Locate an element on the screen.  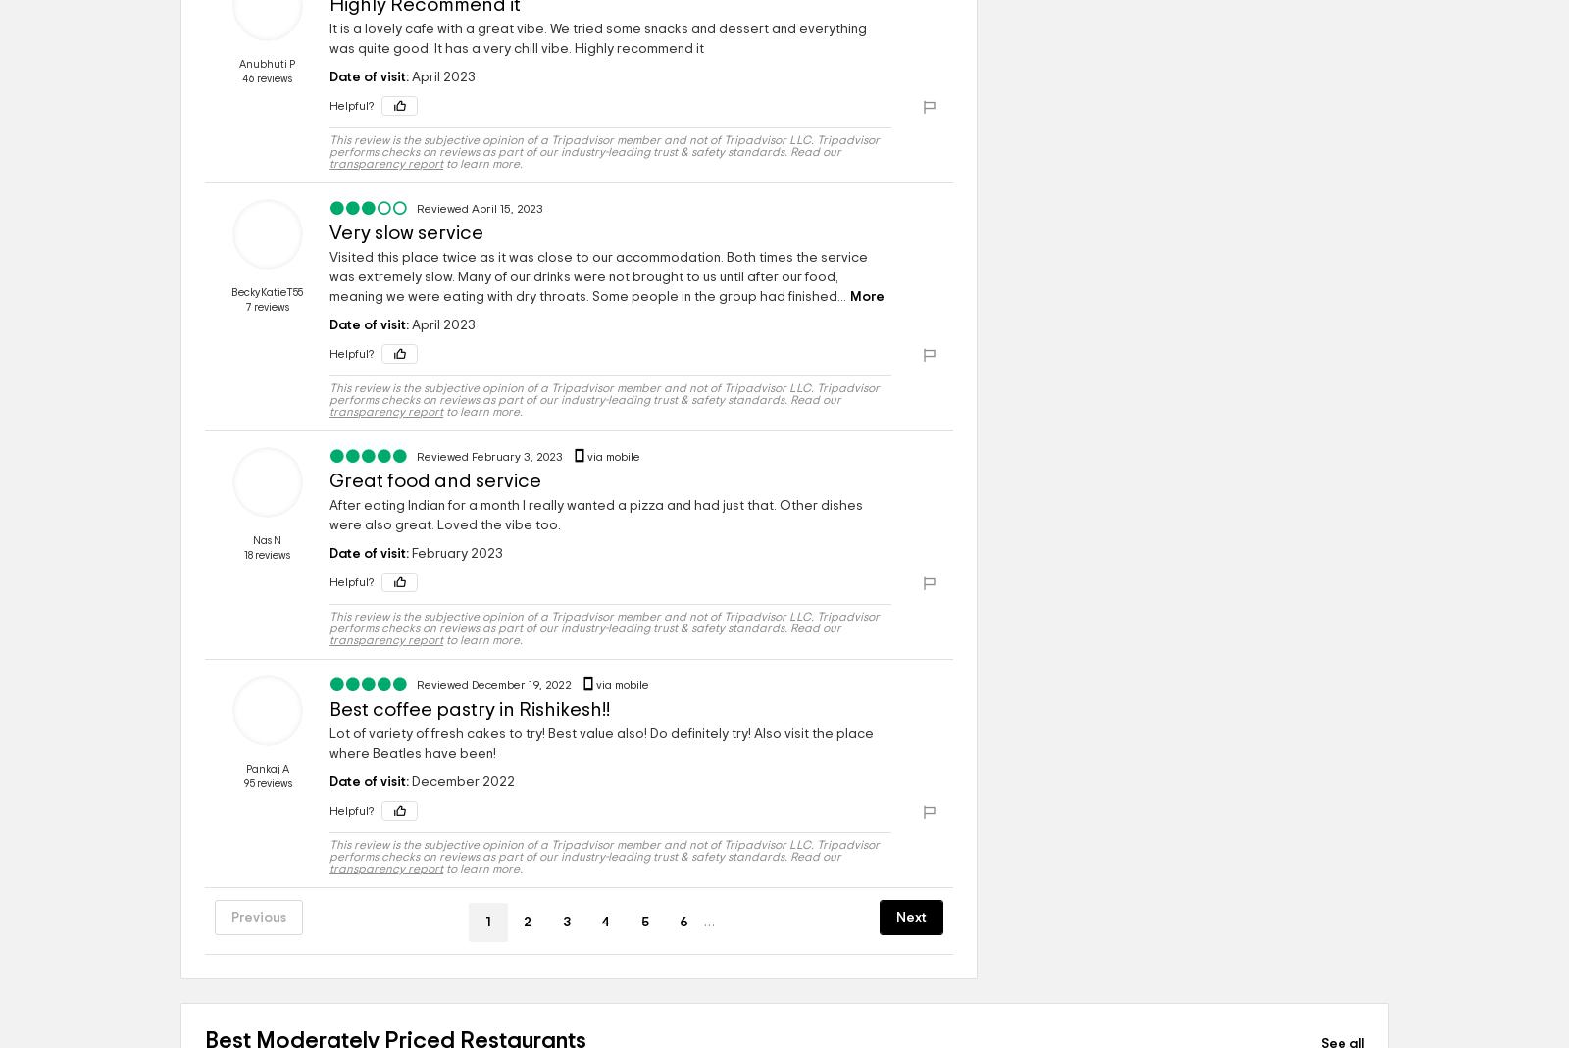
'1' is located at coordinates (483, 922).